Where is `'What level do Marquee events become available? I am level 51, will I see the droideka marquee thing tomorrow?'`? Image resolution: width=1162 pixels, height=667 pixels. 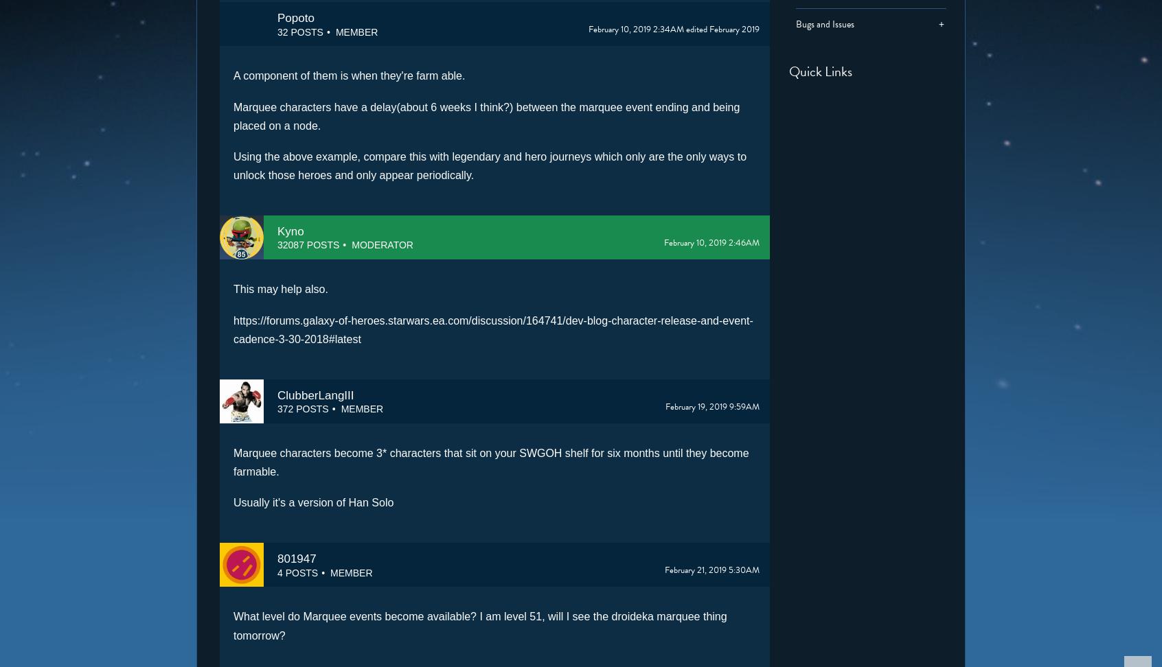
'What level do Marquee events become available? I am level 51, will I see the droideka marquee thing tomorrow?' is located at coordinates (479, 625).